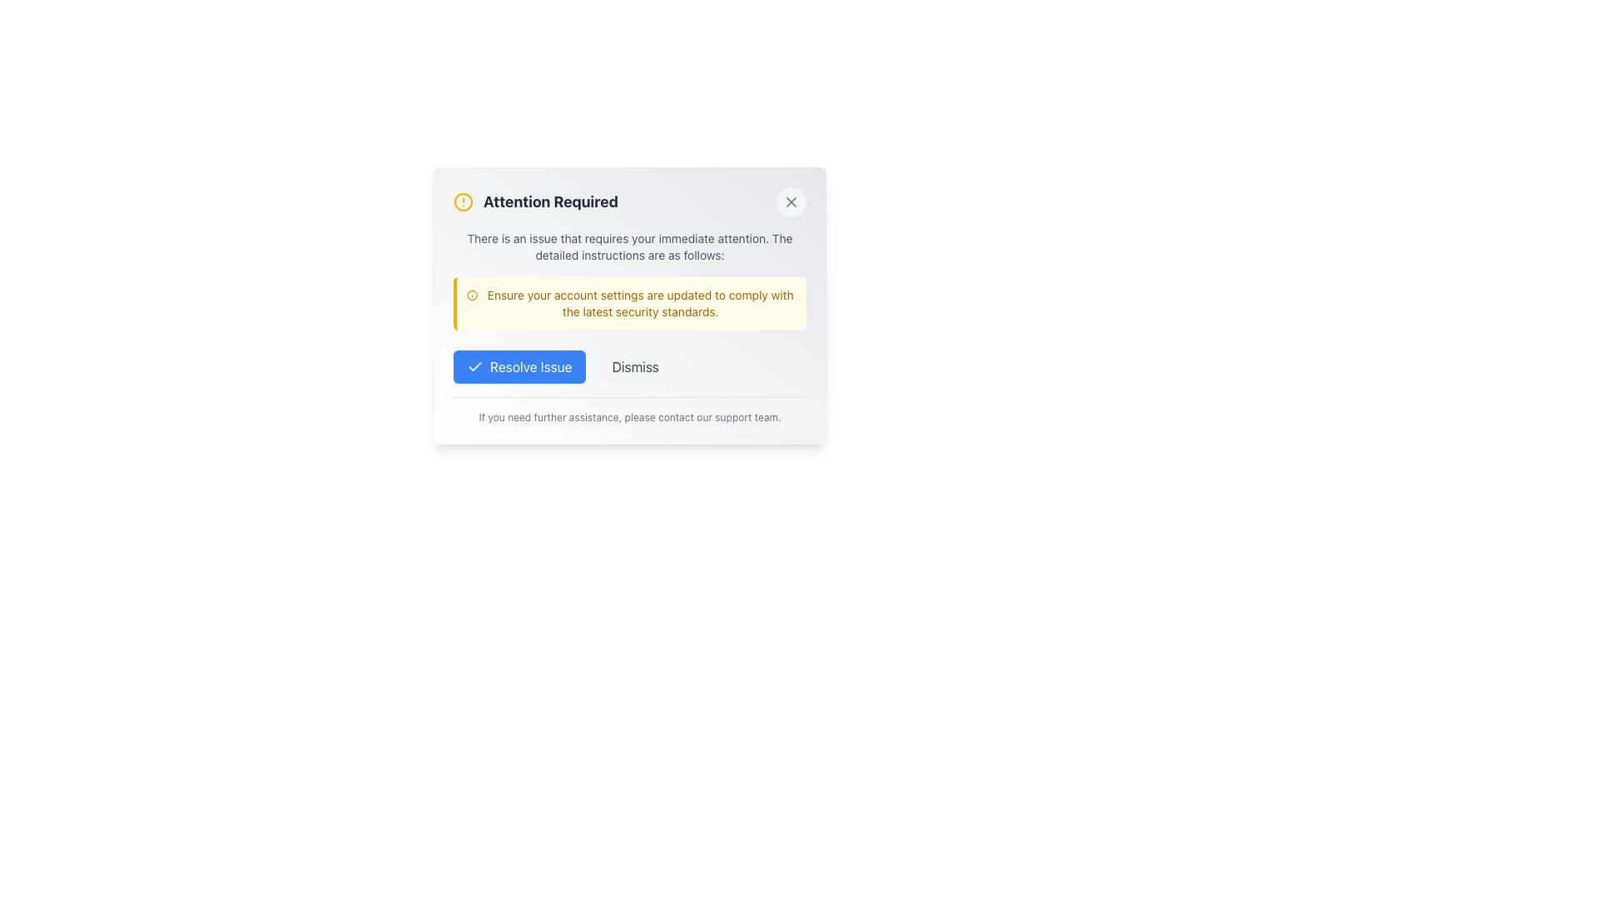  Describe the element at coordinates (630, 304) in the screenshot. I see `the yellow-highlighted informational text block that contains the message 'Ensure your account settings are updated to comply with the latest security standards.'` at that location.